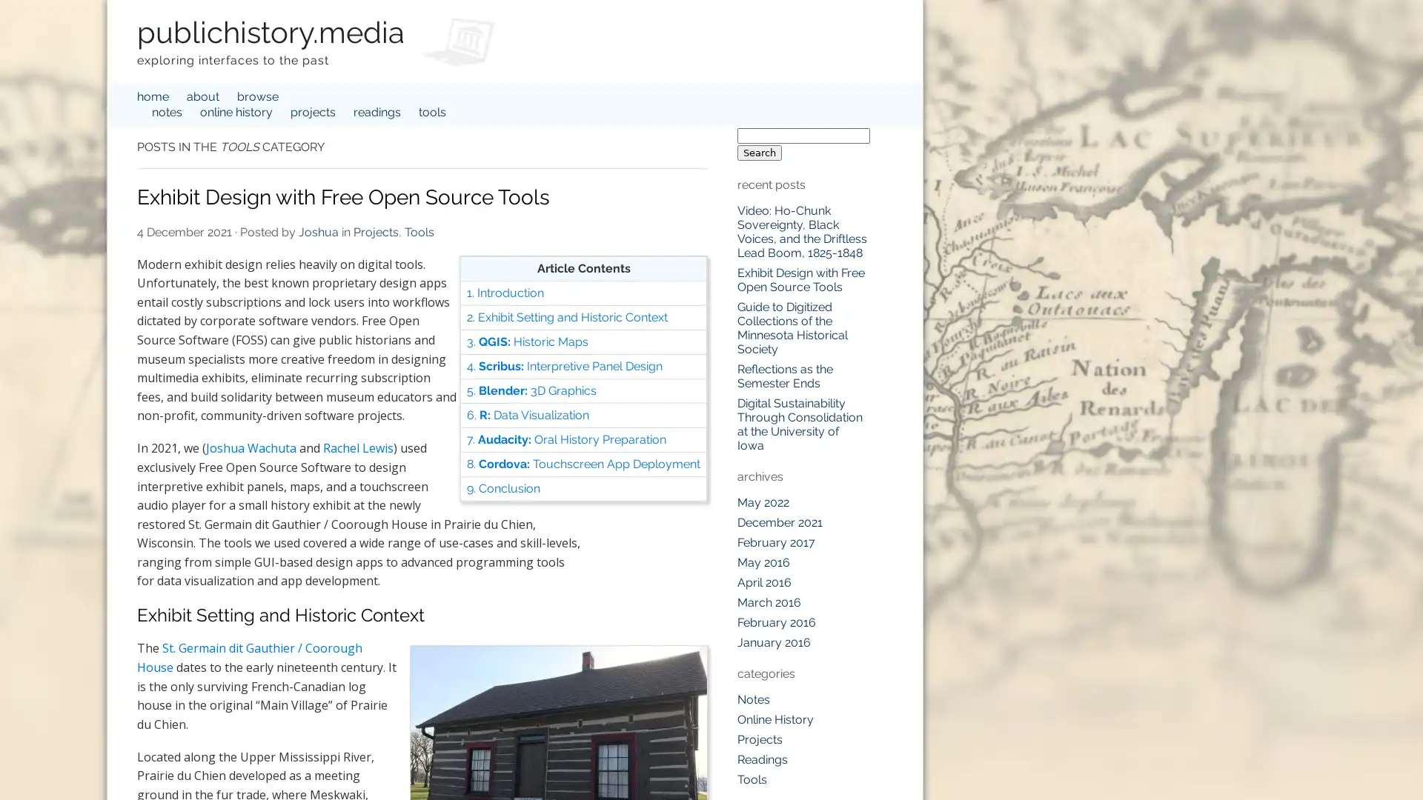  I want to click on Search, so click(760, 153).